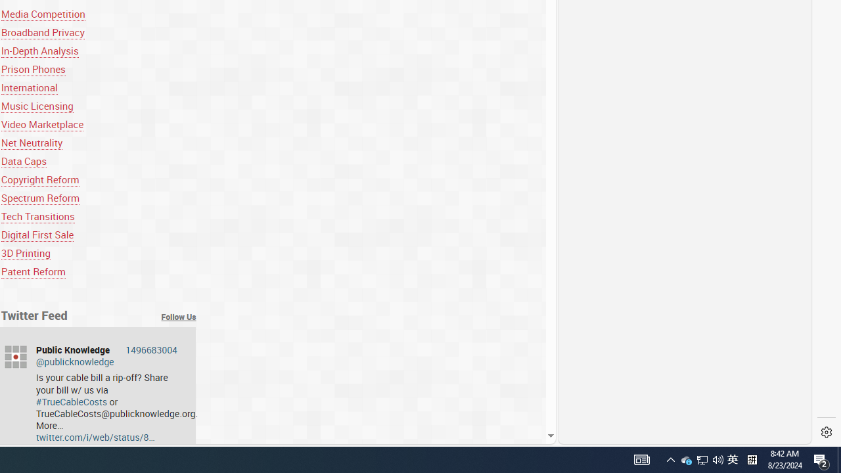 The width and height of the screenshot is (841, 473). Describe the element at coordinates (37, 215) in the screenshot. I see `'Tech Transitions'` at that location.